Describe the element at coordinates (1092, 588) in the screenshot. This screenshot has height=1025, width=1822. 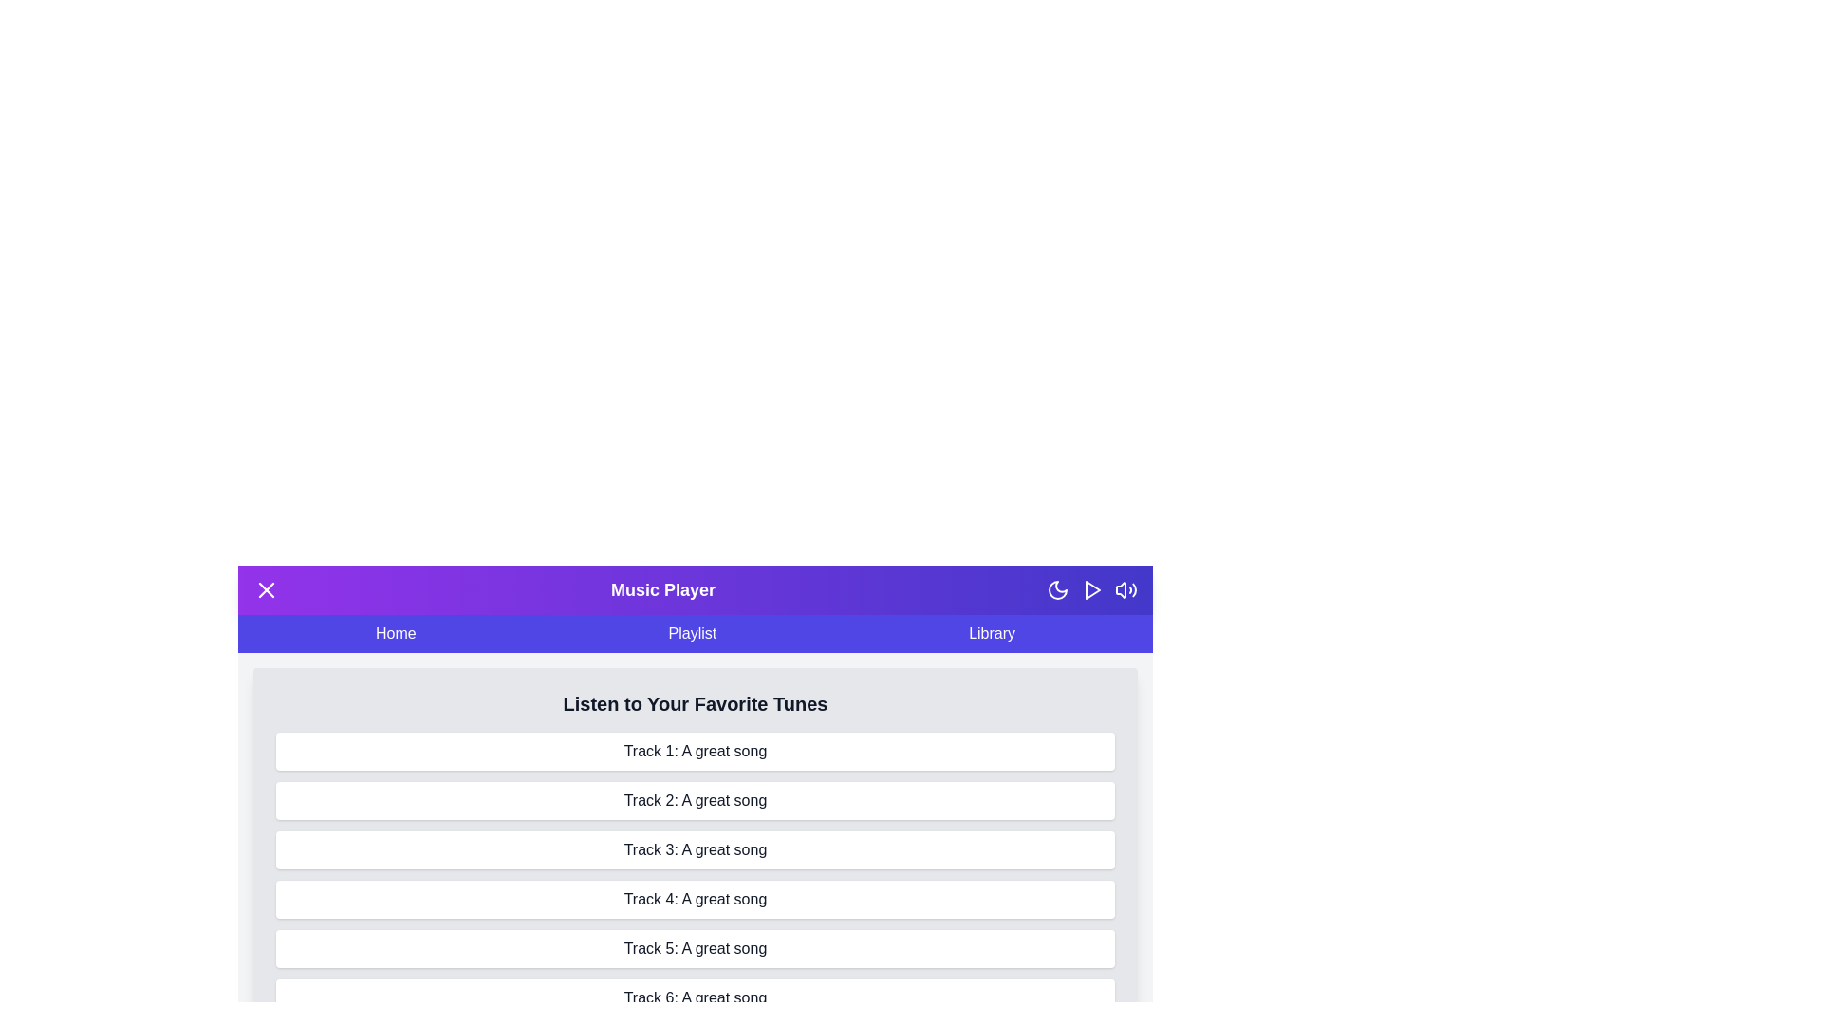
I see `the play/pause button to toggle the music playback state` at that location.